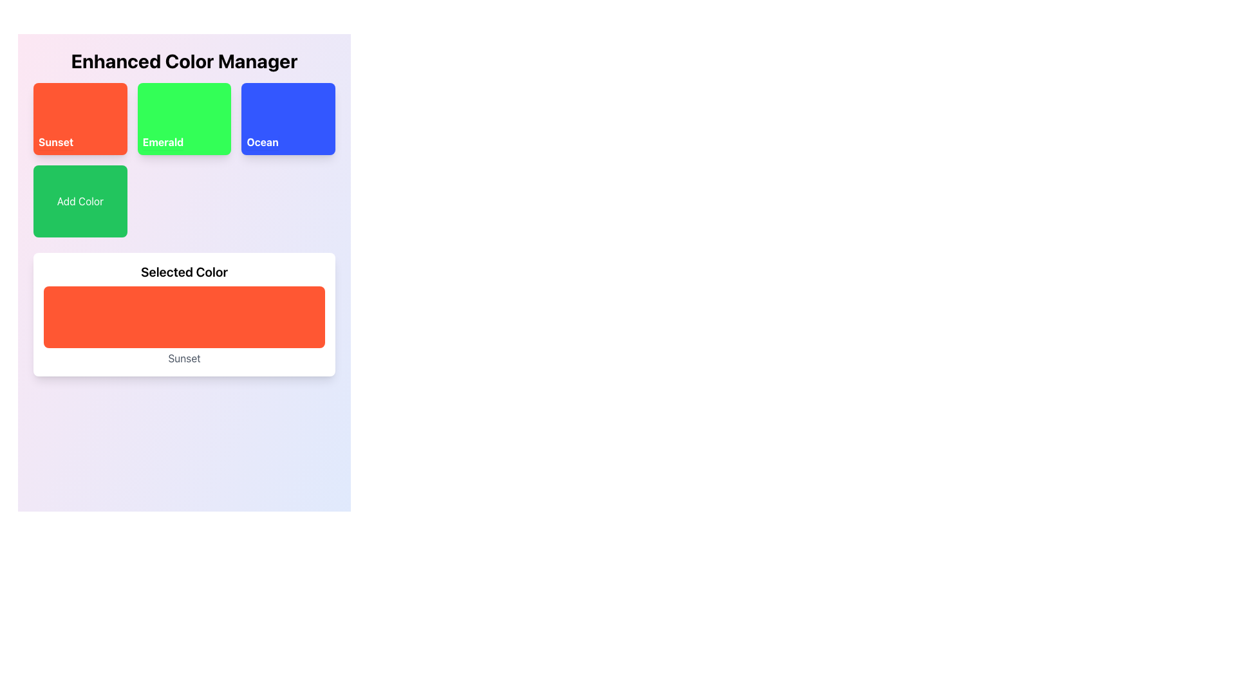 Image resolution: width=1236 pixels, height=695 pixels. What do you see at coordinates (162, 142) in the screenshot?
I see `the text label displaying 'Emerald' in bold white letters within the green square` at bounding box center [162, 142].